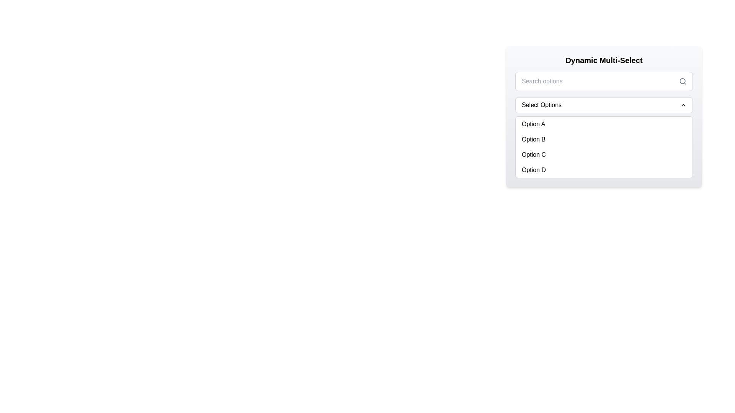 Image resolution: width=735 pixels, height=413 pixels. What do you see at coordinates (533, 124) in the screenshot?
I see `the text label displaying 'Option A', which is the first selectable option in a dropdown list` at bounding box center [533, 124].